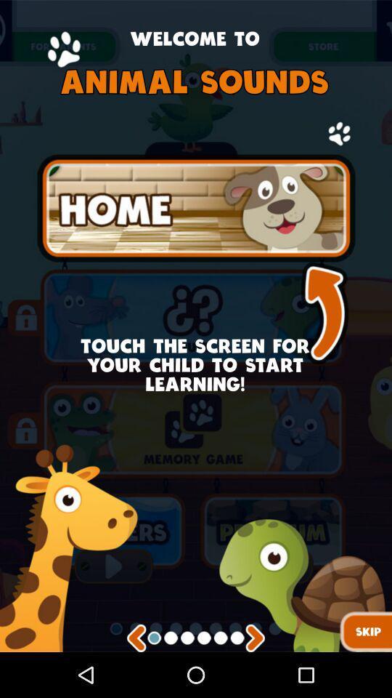 This screenshot has height=698, width=392. Describe the element at coordinates (255, 638) in the screenshot. I see `right arrow to the left of skip at the bottom of the web page` at that location.